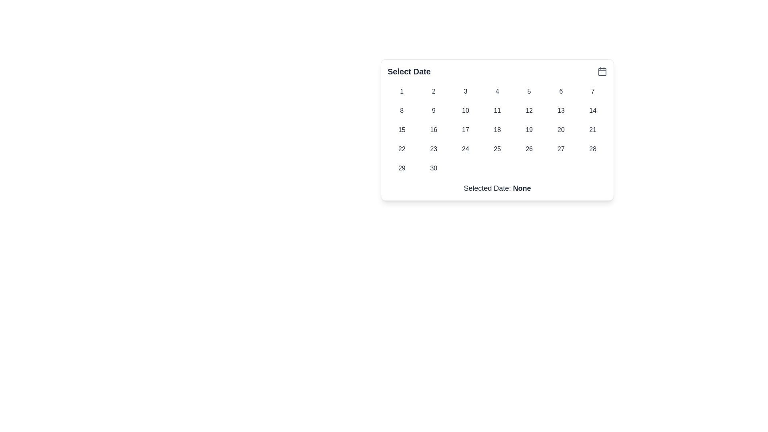 The width and height of the screenshot is (768, 432). What do you see at coordinates (560, 149) in the screenshot?
I see `the button labeled '27' in the seventh column of the fourth row of the calendar` at bounding box center [560, 149].